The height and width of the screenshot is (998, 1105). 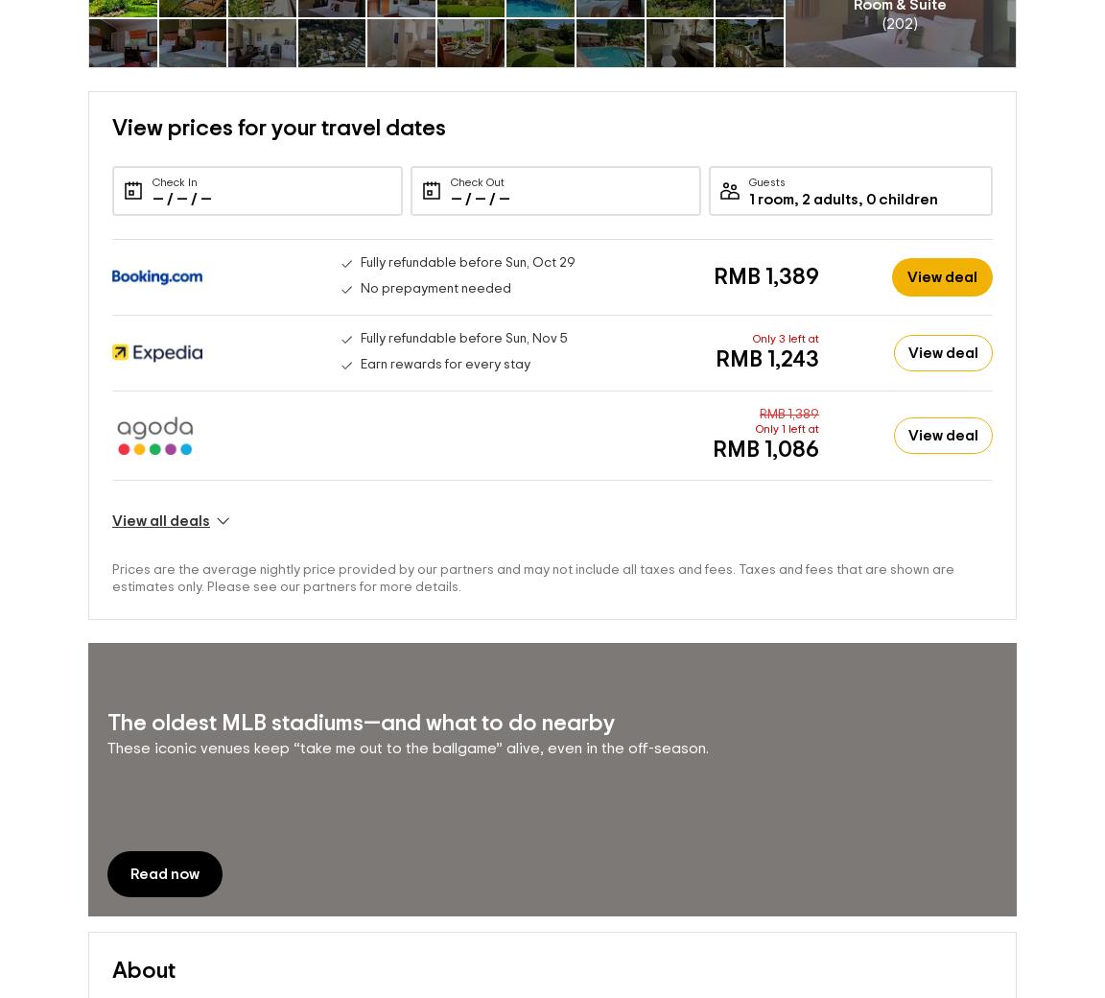 What do you see at coordinates (277, 128) in the screenshot?
I see `'View prices for your travel dates'` at bounding box center [277, 128].